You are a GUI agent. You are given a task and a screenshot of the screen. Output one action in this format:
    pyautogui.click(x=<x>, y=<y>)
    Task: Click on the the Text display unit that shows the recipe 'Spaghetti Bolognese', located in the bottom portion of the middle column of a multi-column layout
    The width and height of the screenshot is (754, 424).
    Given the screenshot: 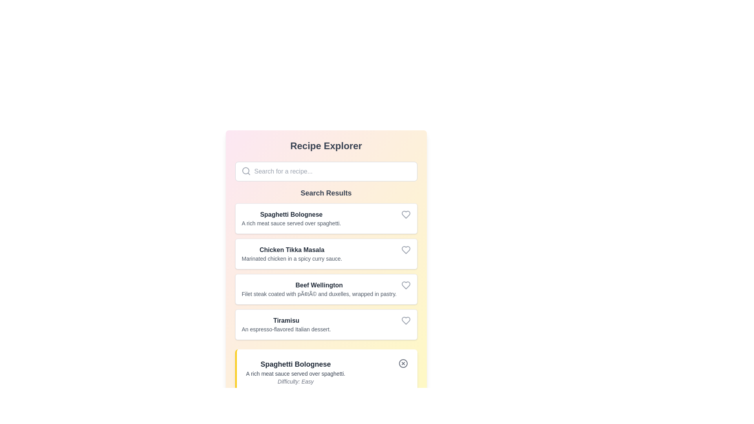 What is the action you would take?
    pyautogui.click(x=295, y=372)
    